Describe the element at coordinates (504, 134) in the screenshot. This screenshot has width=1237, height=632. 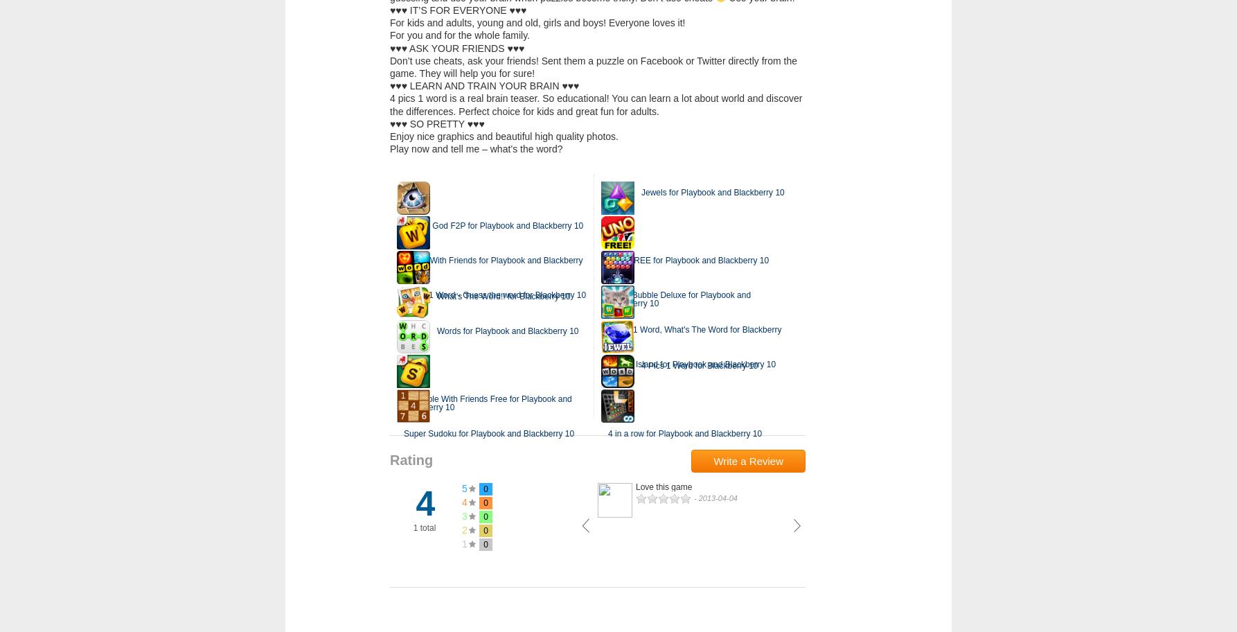
I see `'Enjoy nice graphics and beautiful high quality photos.'` at that location.